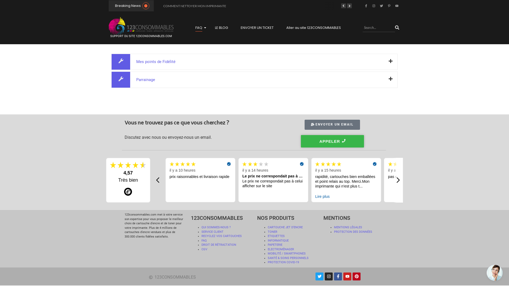  What do you see at coordinates (221, 236) in the screenshot?
I see `'RECYCLEZ VOS CARTOUCHES'` at bounding box center [221, 236].